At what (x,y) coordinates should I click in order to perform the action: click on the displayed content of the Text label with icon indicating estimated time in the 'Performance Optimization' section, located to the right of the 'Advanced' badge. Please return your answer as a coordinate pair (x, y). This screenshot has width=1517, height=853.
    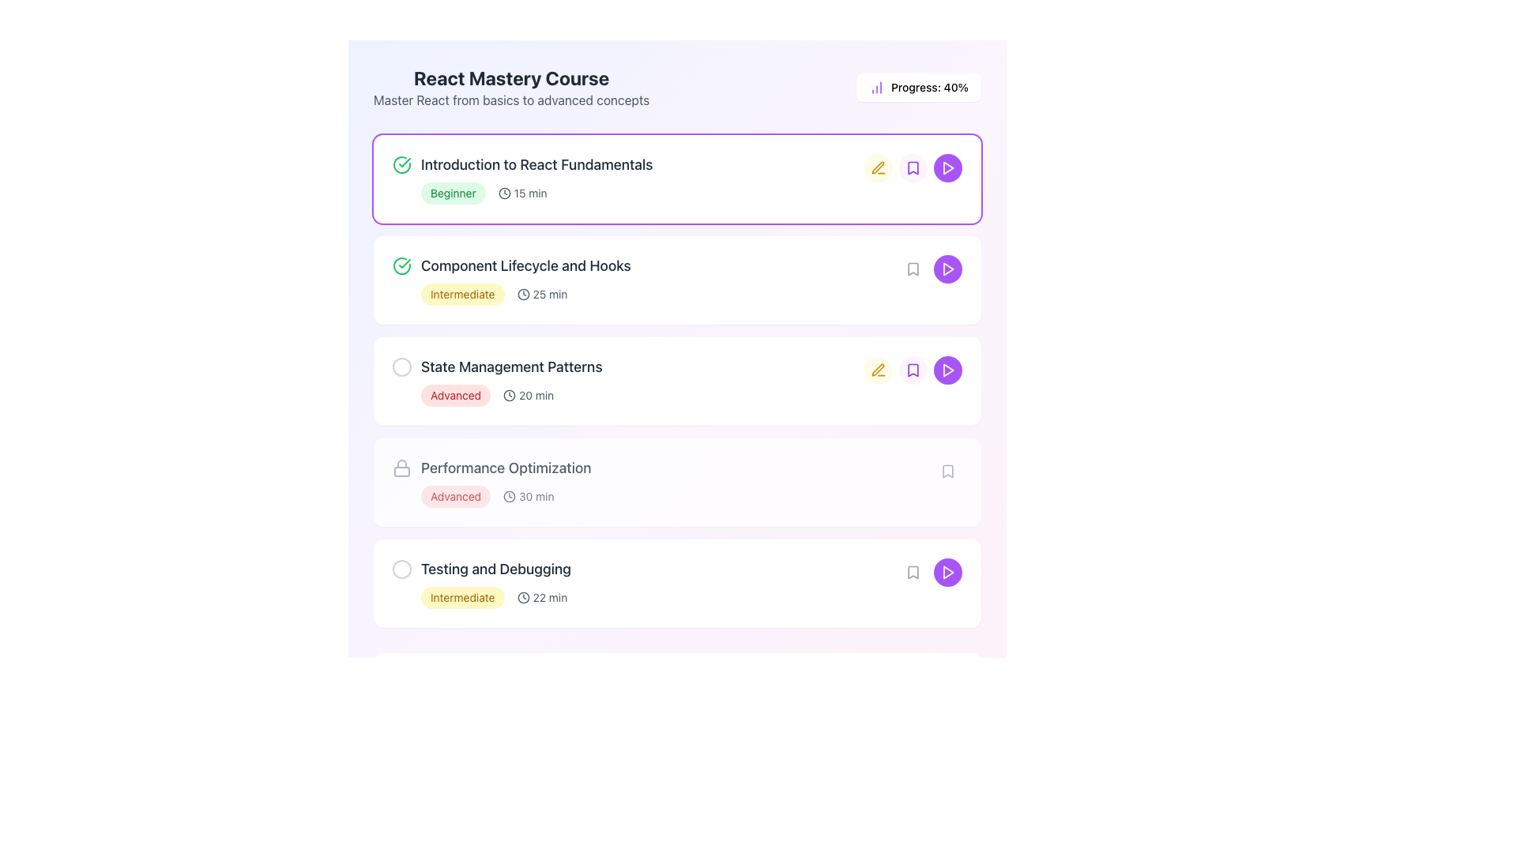
    Looking at the image, I should click on (529, 495).